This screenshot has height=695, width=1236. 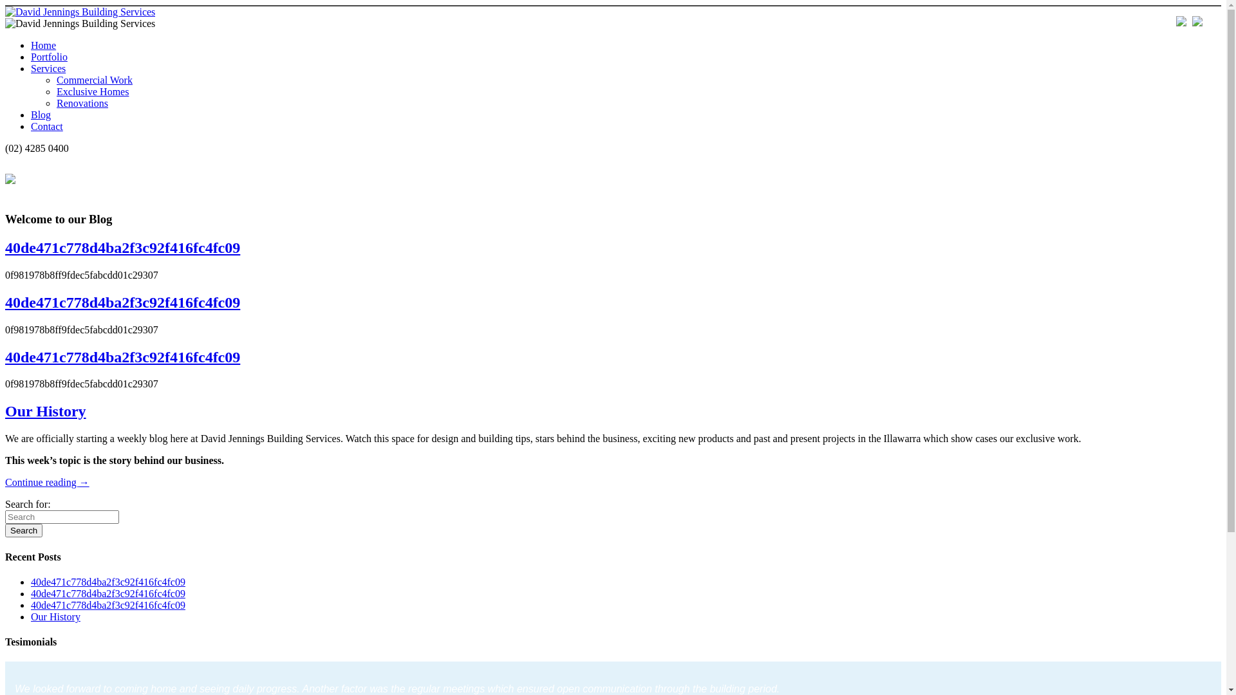 I want to click on '40de471c778d4ba2f3c92f416fc4fc09', so click(x=122, y=302).